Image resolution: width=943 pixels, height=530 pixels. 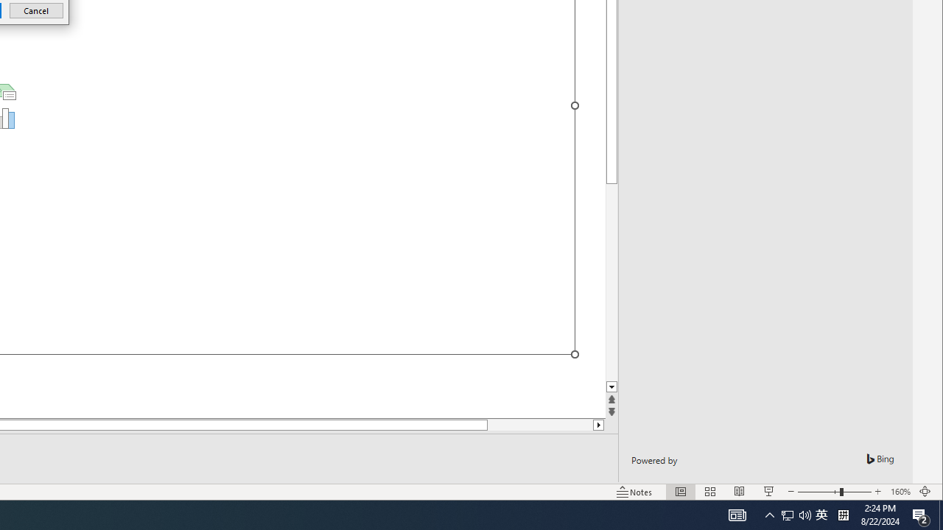 What do you see at coordinates (900, 492) in the screenshot?
I see `'Zoom 160%'` at bounding box center [900, 492].